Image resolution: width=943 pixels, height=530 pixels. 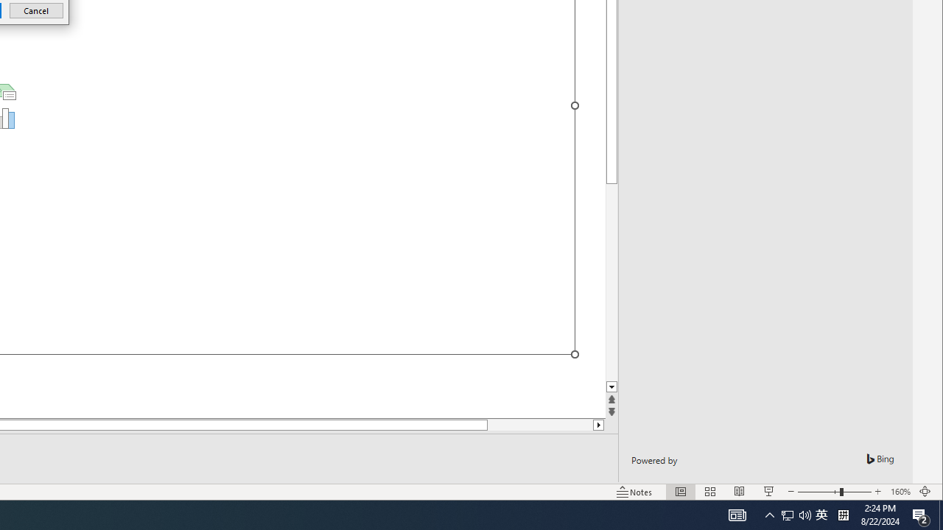 What do you see at coordinates (900, 492) in the screenshot?
I see `'Zoom 160%'` at bounding box center [900, 492].